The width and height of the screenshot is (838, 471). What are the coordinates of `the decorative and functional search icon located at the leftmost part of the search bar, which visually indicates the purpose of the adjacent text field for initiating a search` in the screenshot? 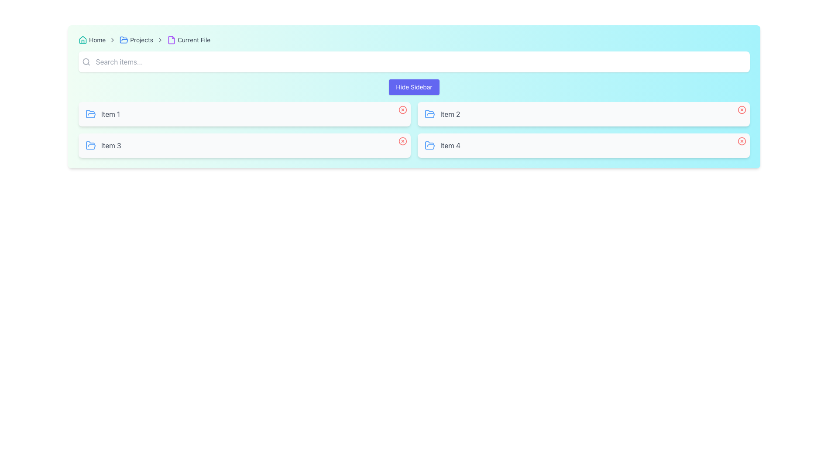 It's located at (86, 61).